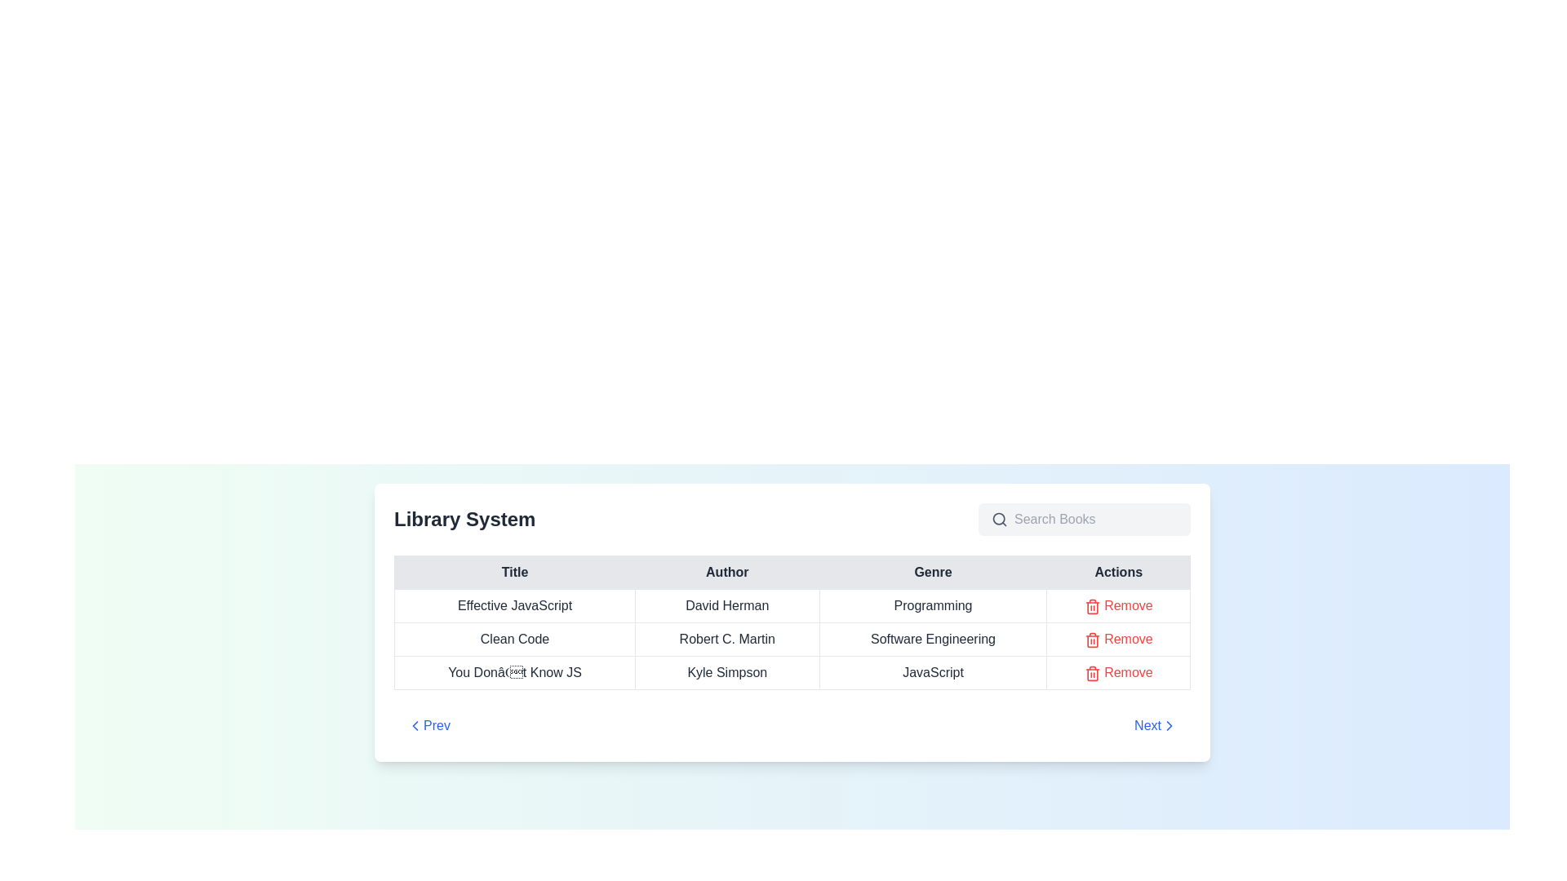 This screenshot has height=881, width=1567. What do you see at coordinates (1155, 725) in the screenshot?
I see `the 'Next' button located at the bottom-right corner of the library system interface` at bounding box center [1155, 725].